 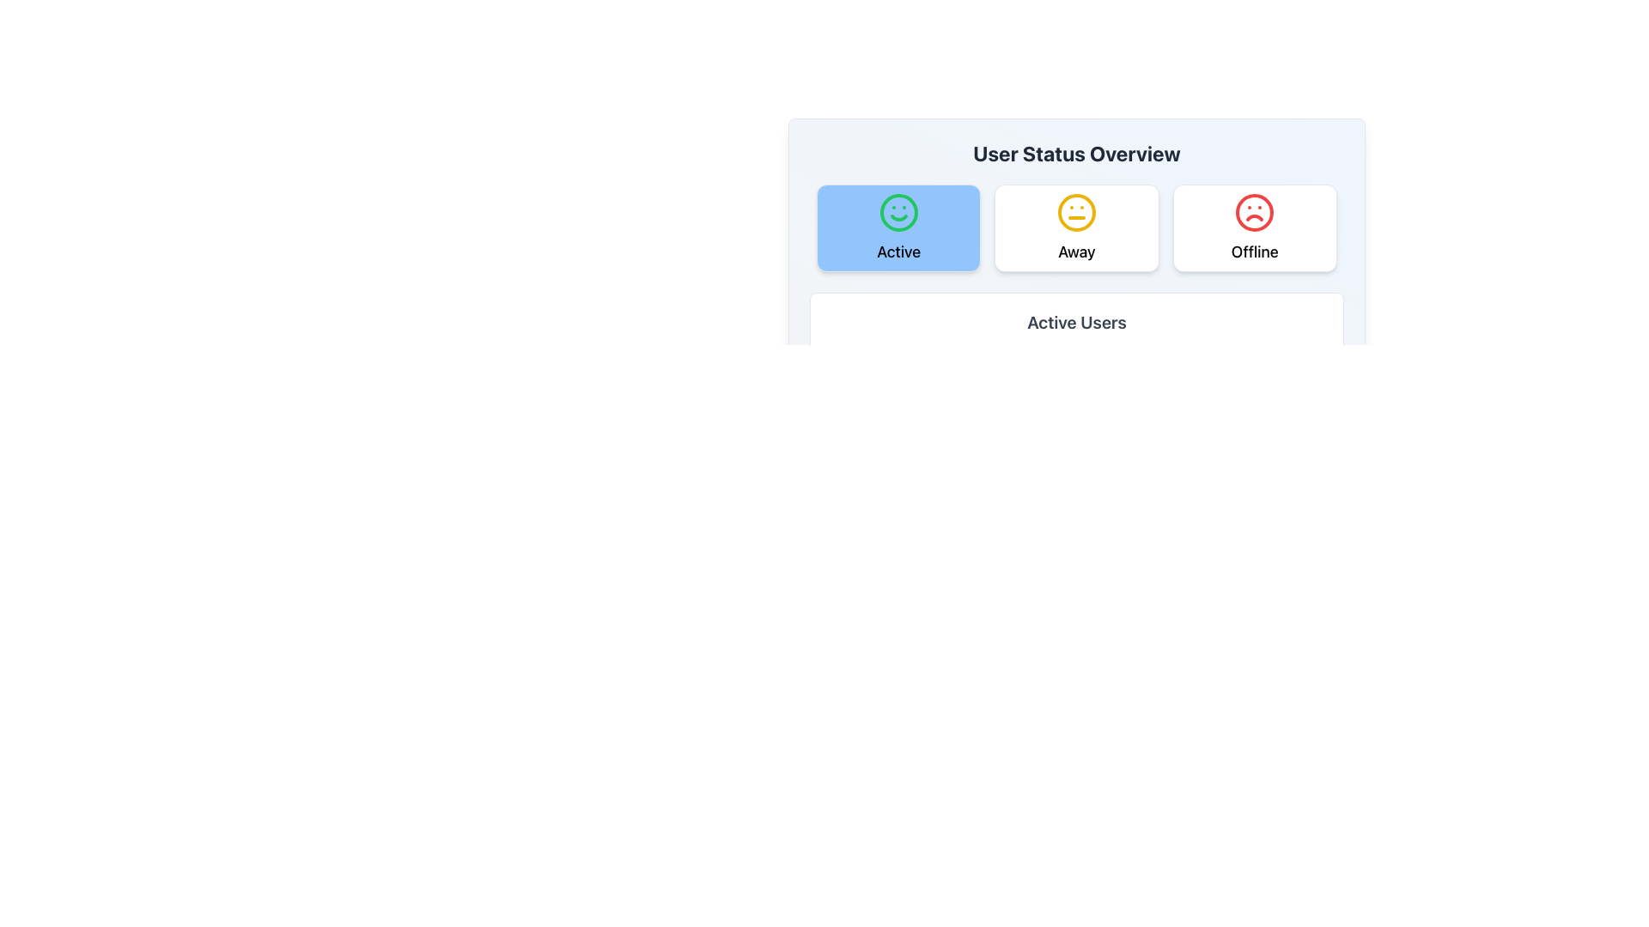 I want to click on the 'Offline' status button, the third button in the group under 'User Status Overview', to change its appearance, so click(x=1255, y=227).